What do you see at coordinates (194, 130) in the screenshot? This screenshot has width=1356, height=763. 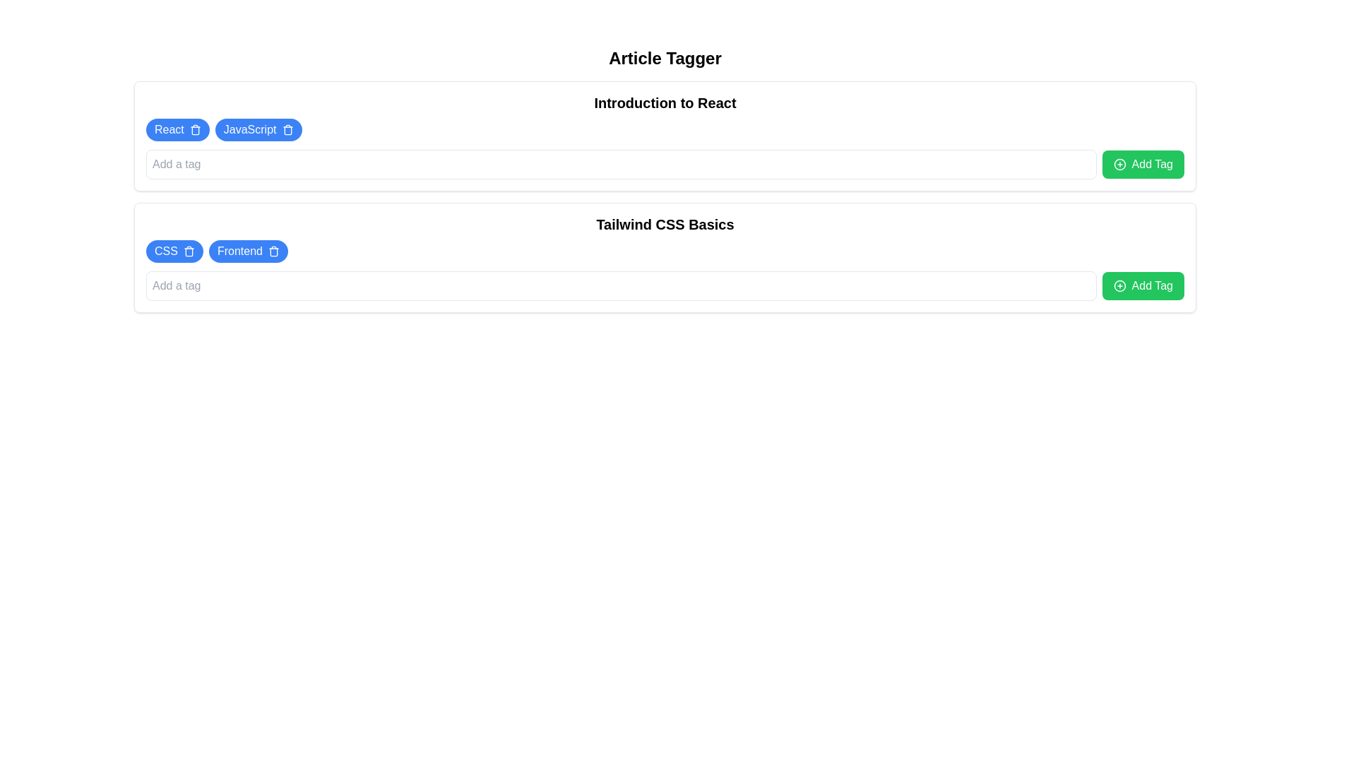 I see `the Trash Icon button located to the right of the 'React' text within a blue, rounded button` at bounding box center [194, 130].